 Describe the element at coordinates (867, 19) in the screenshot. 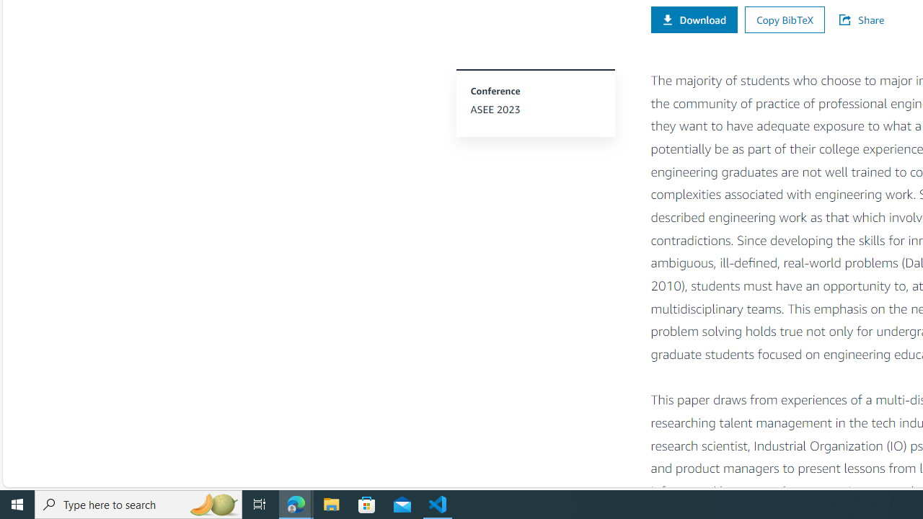

I see `'Share'` at that location.